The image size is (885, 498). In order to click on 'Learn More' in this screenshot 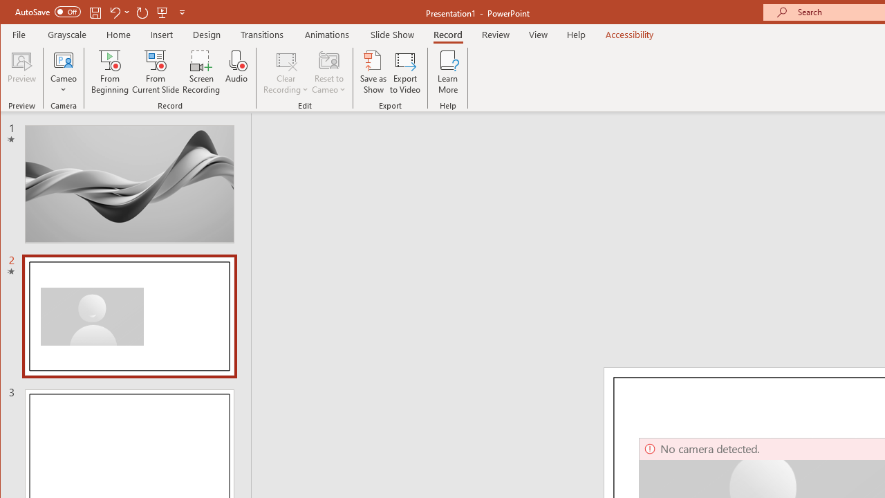, I will do `click(448, 72)`.